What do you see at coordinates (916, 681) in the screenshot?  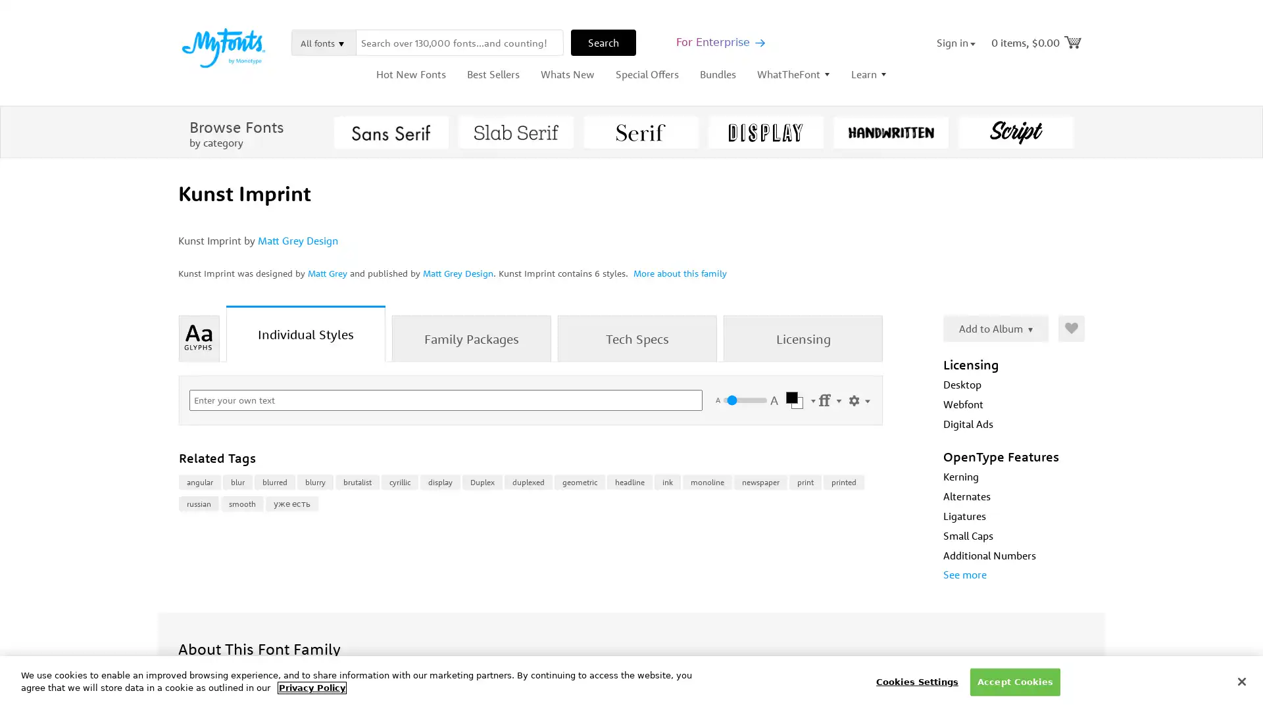 I see `Cookies Settings` at bounding box center [916, 681].